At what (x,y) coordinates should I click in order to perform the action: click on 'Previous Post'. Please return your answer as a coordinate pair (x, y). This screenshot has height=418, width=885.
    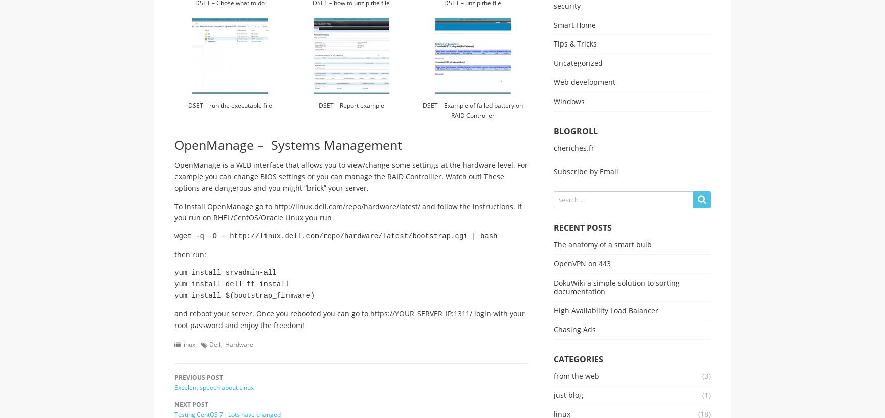
    Looking at the image, I should click on (198, 377).